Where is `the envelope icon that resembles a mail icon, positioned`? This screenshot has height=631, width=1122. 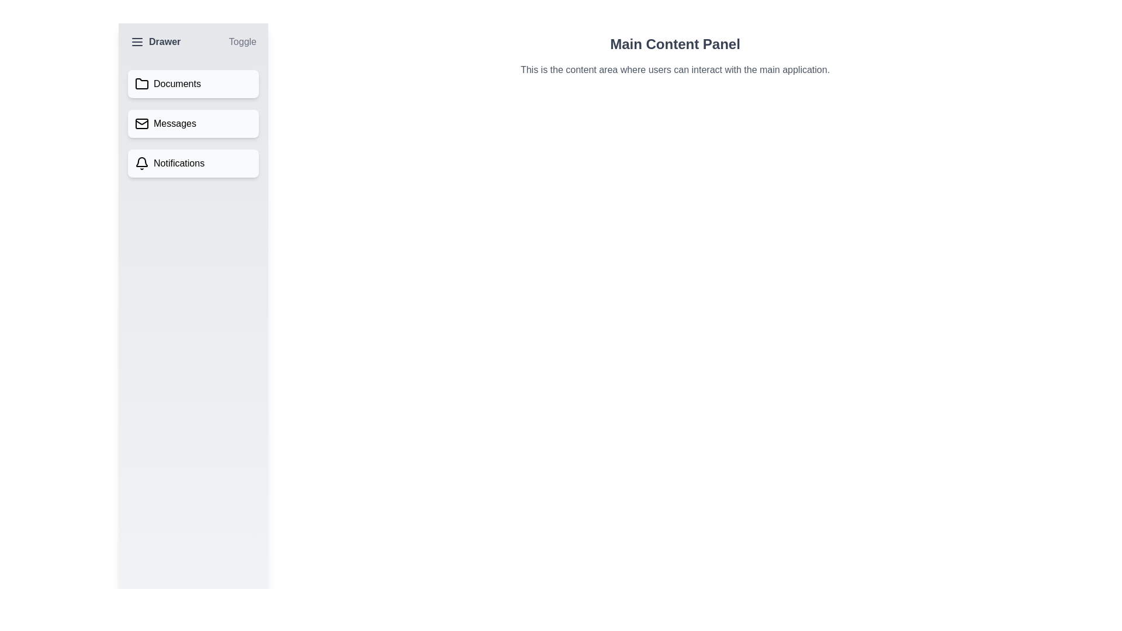 the envelope icon that resembles a mail icon, positioned is located at coordinates (141, 124).